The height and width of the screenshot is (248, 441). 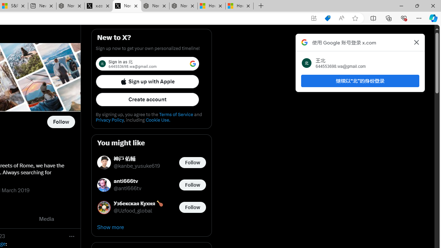 I want to click on 'Cookie Use.', so click(x=157, y=120).